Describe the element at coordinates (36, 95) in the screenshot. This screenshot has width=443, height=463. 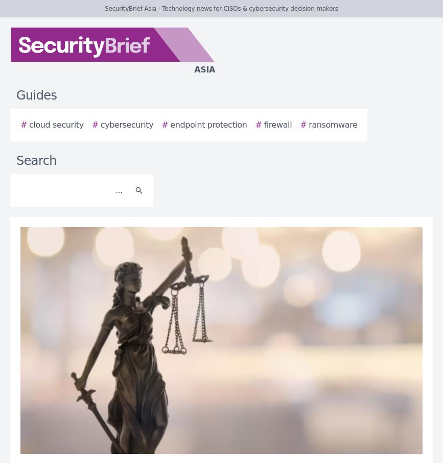
I see `'Guides'` at that location.